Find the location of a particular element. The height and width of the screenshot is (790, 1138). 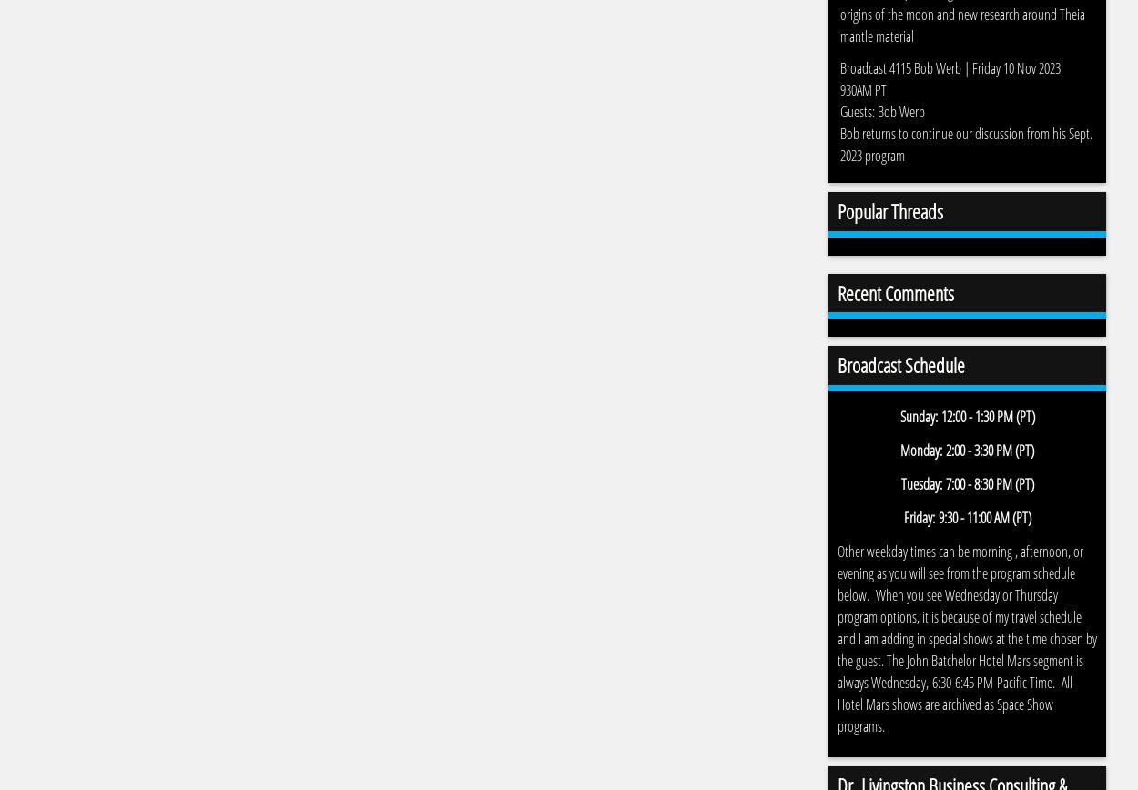

'Guests:' is located at coordinates (839, 111).